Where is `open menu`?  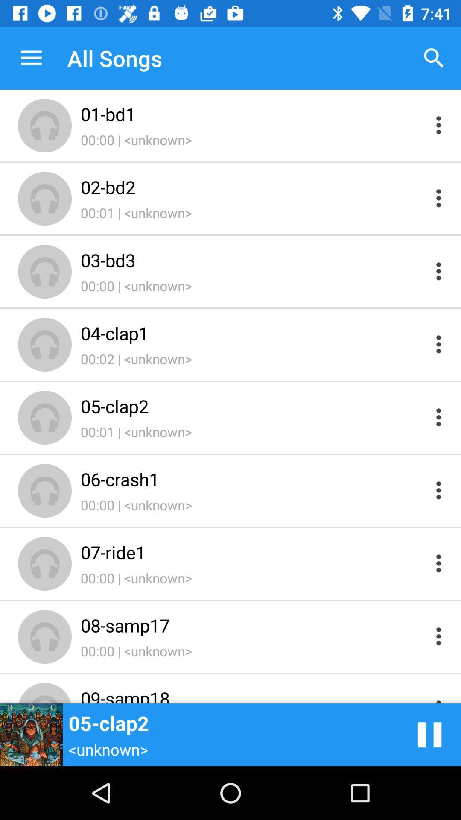
open menu is located at coordinates (438, 636).